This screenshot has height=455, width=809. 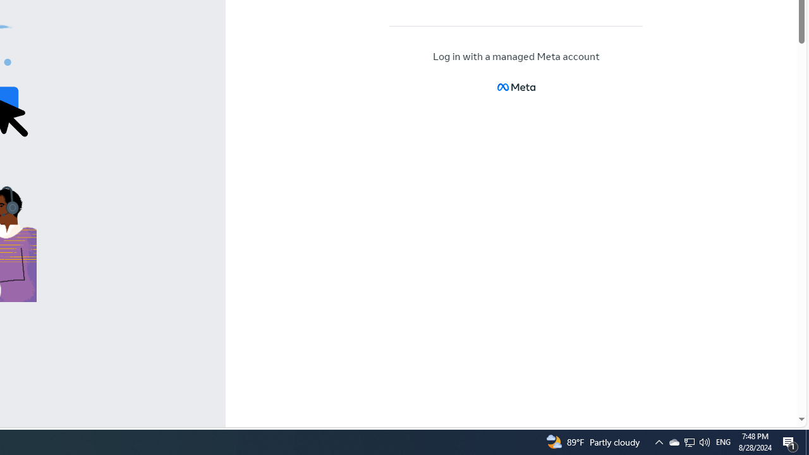 What do you see at coordinates (516, 57) in the screenshot?
I see `'Log in with a managed Meta account'` at bounding box center [516, 57].